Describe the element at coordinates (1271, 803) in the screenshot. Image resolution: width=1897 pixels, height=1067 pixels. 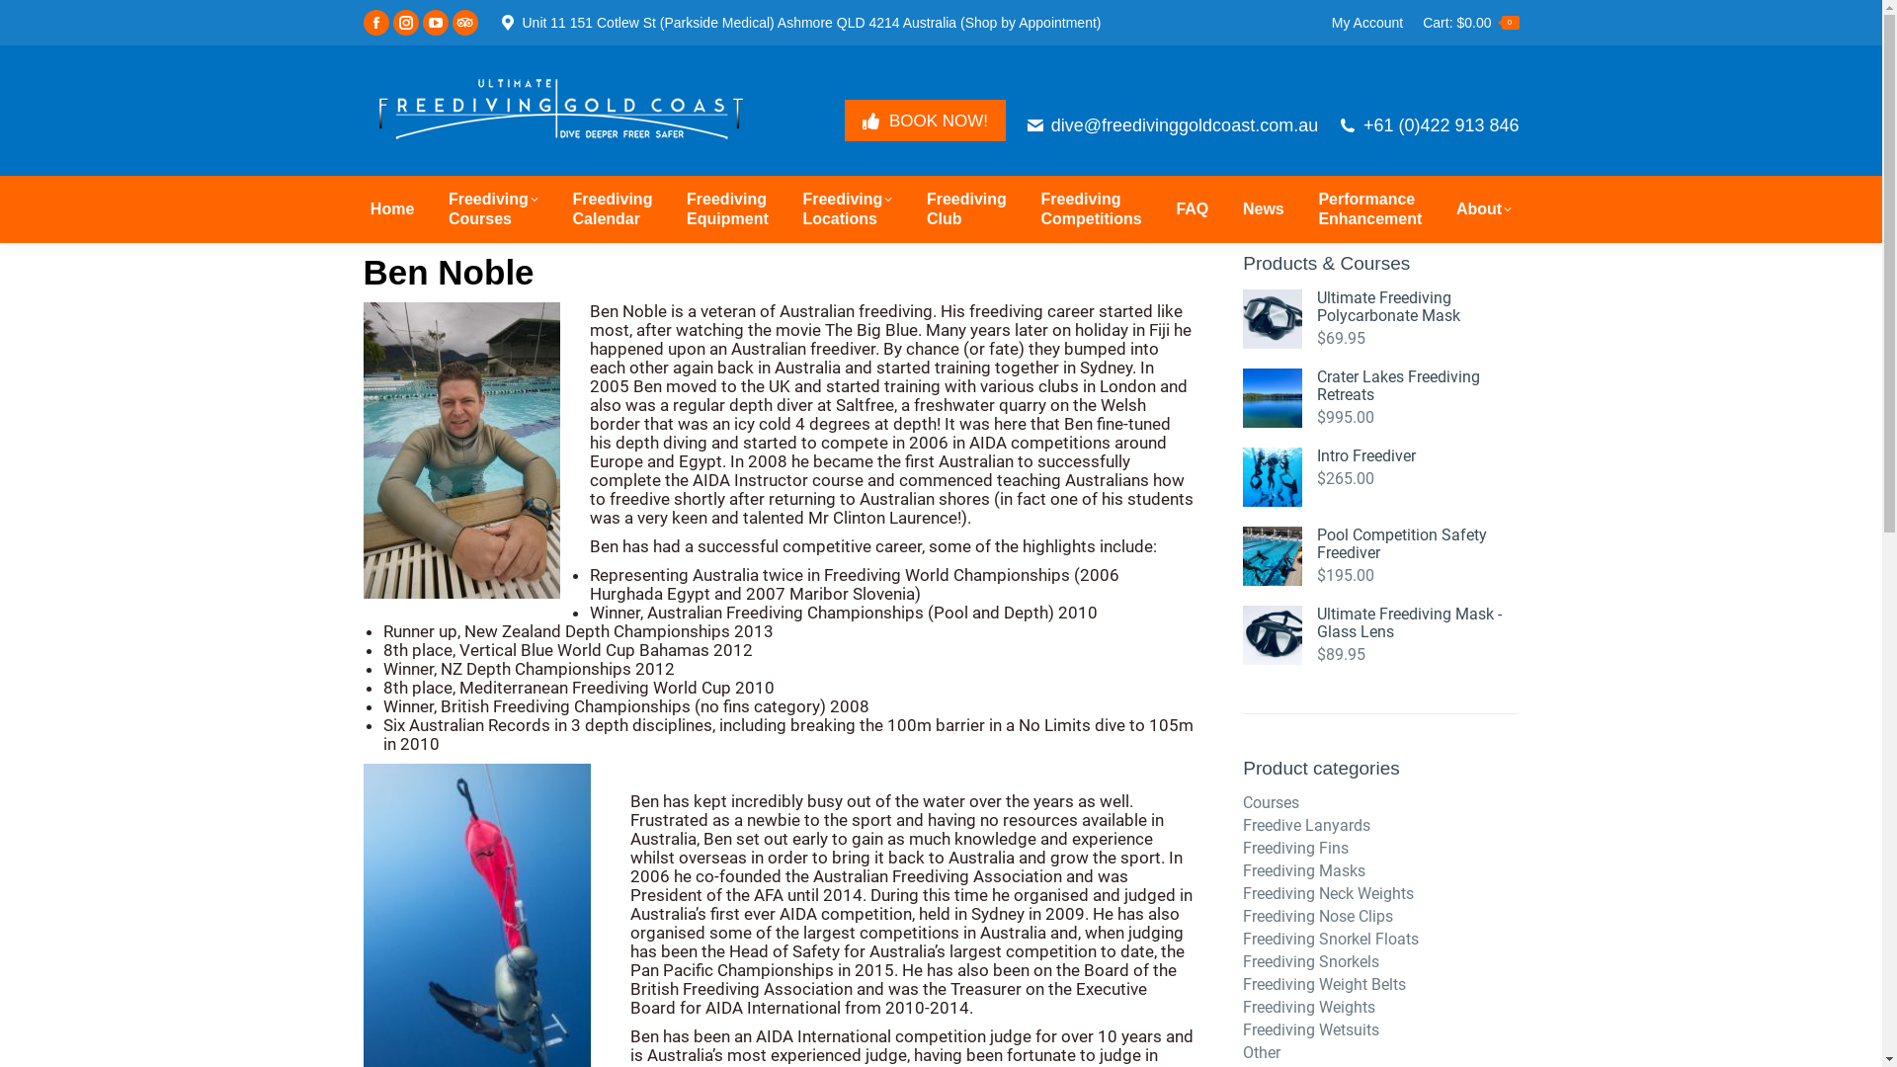
I see `'Courses'` at that location.